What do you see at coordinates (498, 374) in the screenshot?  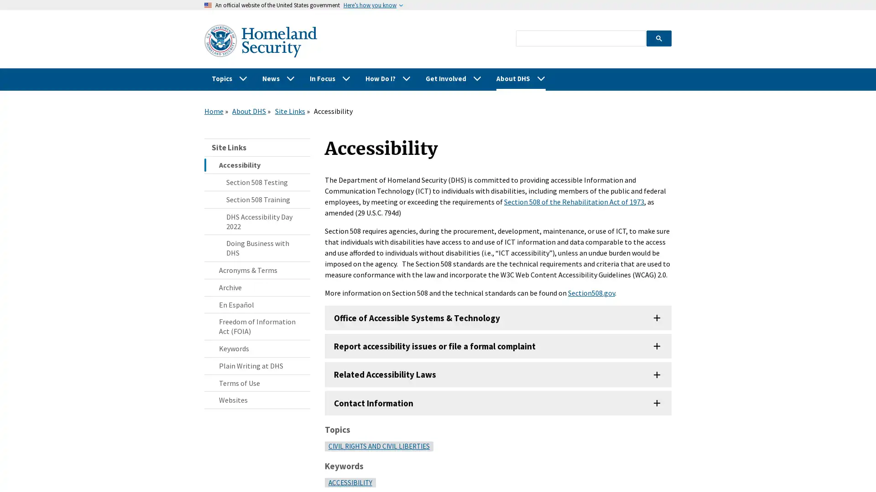 I see `Related Accessibility Laws` at bounding box center [498, 374].